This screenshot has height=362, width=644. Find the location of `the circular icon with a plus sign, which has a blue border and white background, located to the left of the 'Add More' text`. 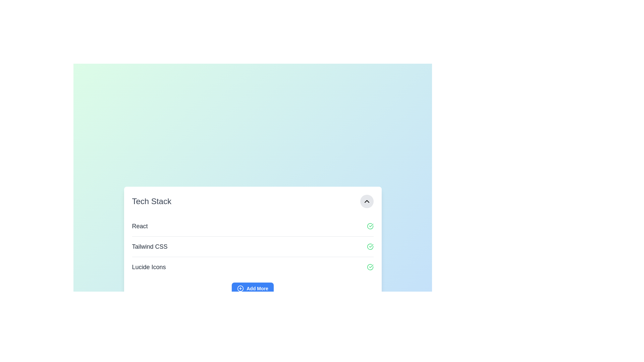

the circular icon with a plus sign, which has a blue border and white background, located to the left of the 'Add More' text is located at coordinates (240, 288).